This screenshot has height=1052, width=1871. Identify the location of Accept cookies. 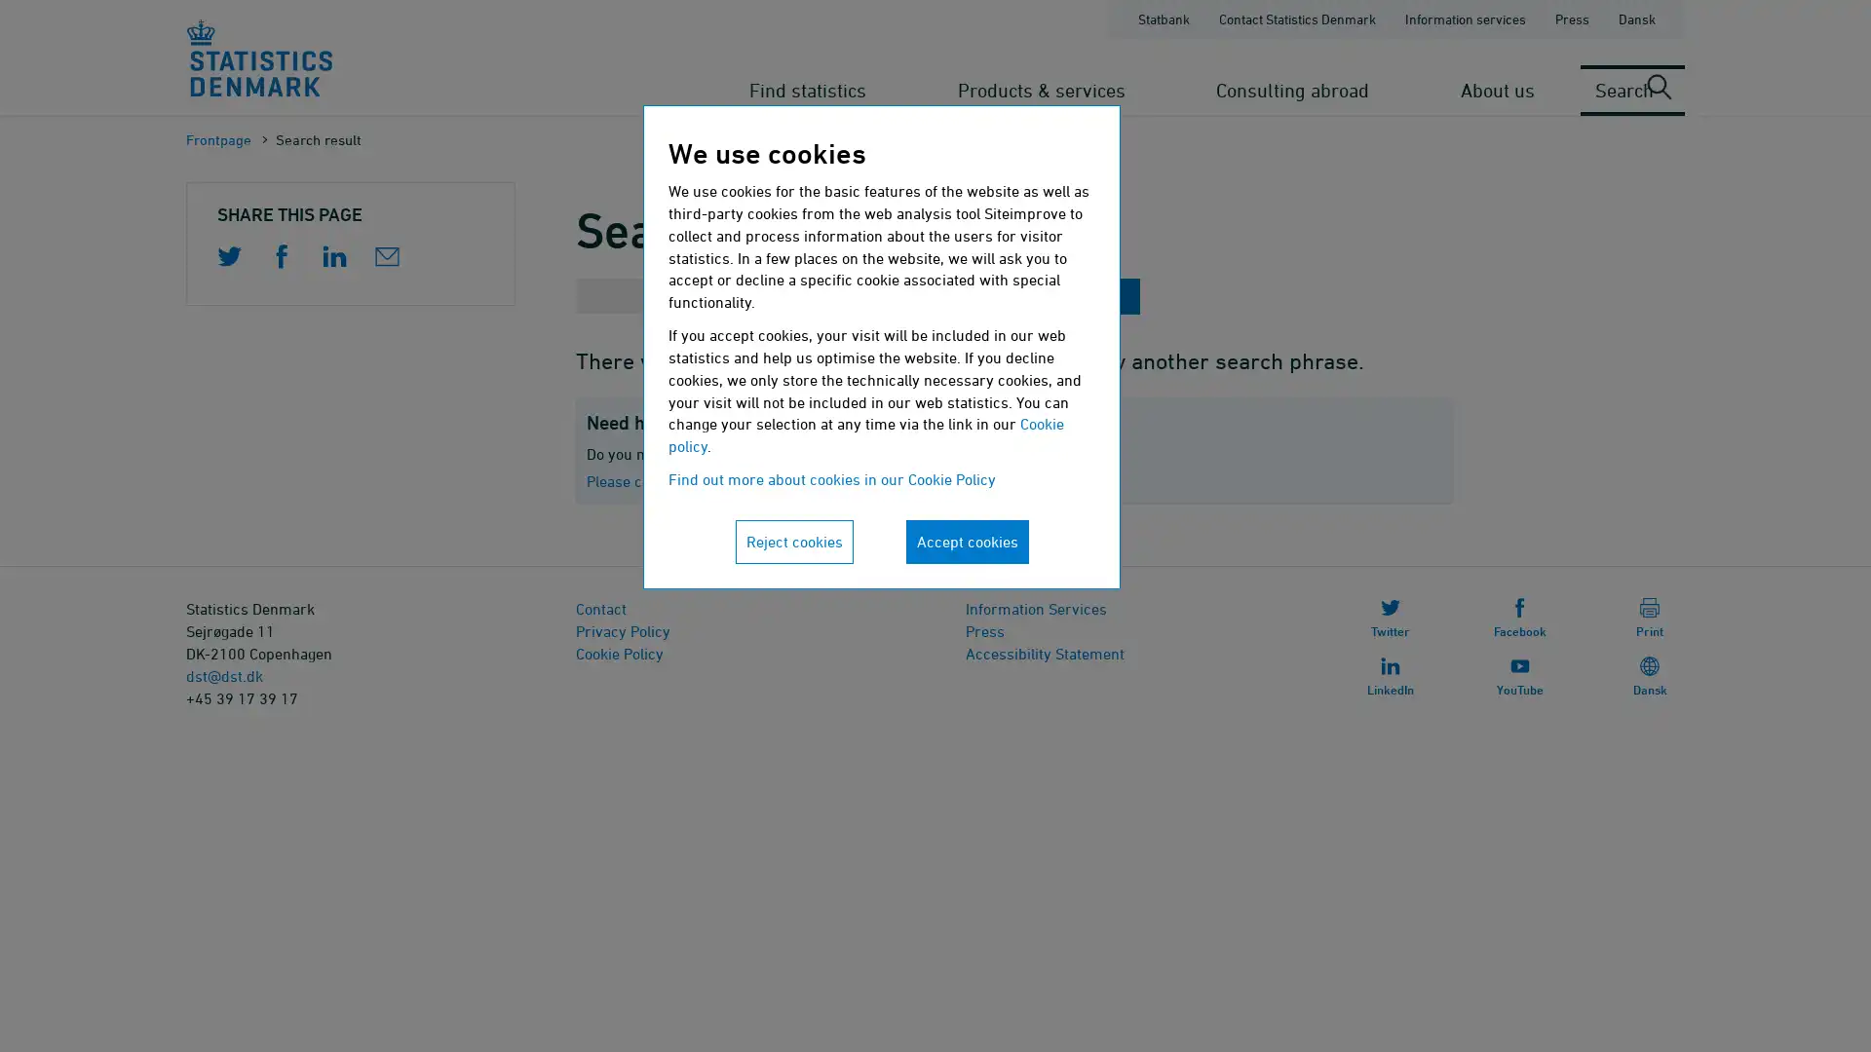
(967, 541).